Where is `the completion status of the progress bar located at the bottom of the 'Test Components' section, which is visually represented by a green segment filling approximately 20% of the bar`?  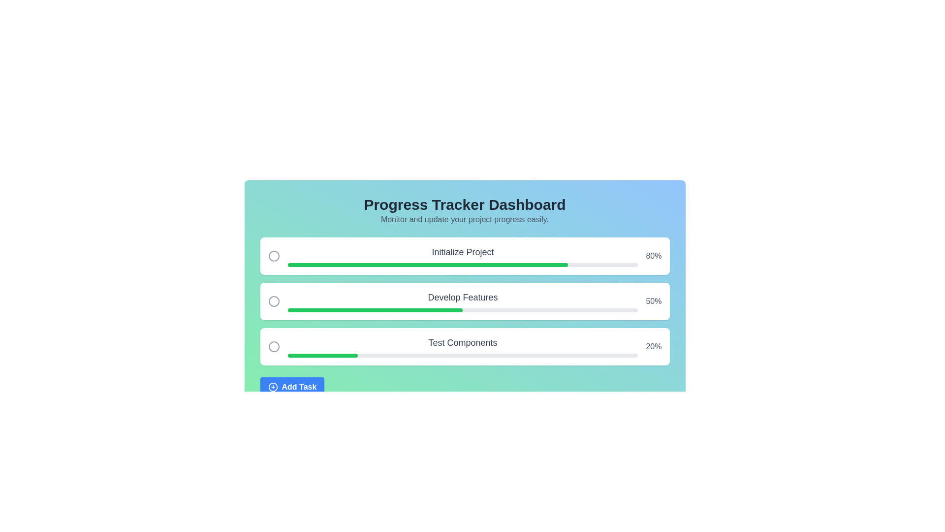 the completion status of the progress bar located at the bottom of the 'Test Components' section, which is visually represented by a green segment filling approximately 20% of the bar is located at coordinates (462, 355).